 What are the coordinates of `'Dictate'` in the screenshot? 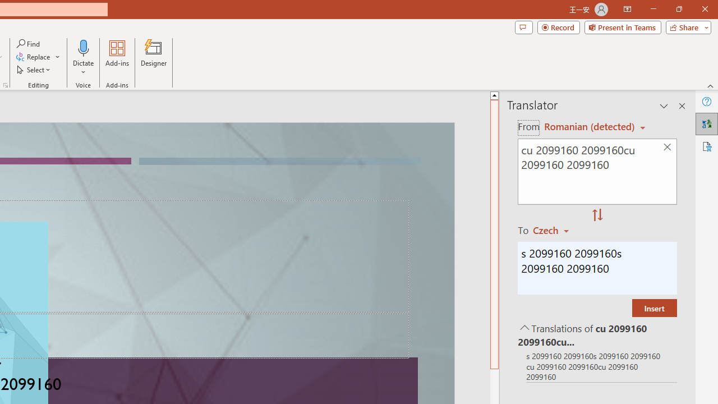 It's located at (83, 47).